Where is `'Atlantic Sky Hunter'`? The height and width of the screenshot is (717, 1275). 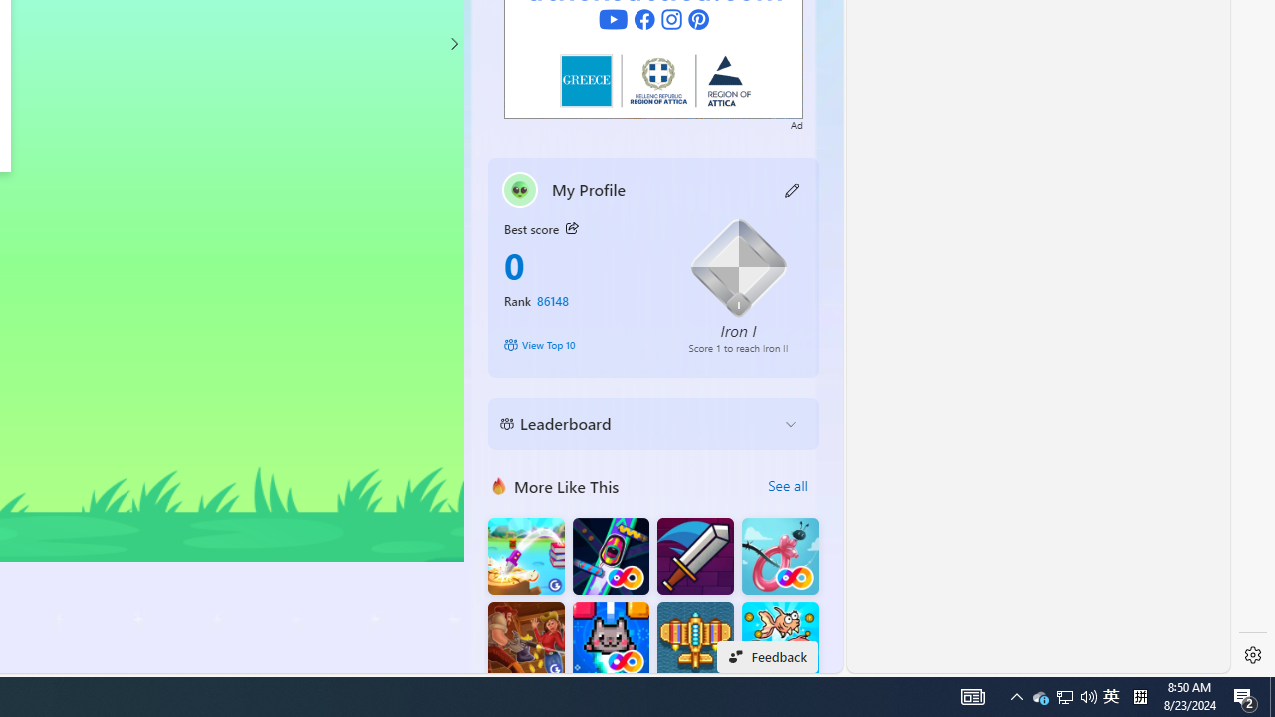
'Atlantic Sky Hunter' is located at coordinates (695, 640).